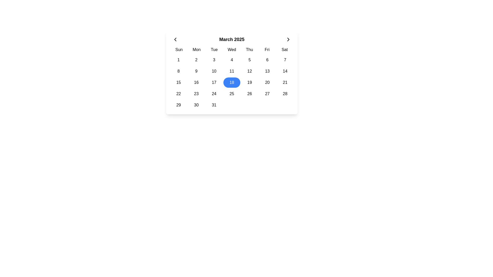  Describe the element at coordinates (231, 71) in the screenshot. I see `the circular button displaying the number '11' in the calendar month view` at that location.